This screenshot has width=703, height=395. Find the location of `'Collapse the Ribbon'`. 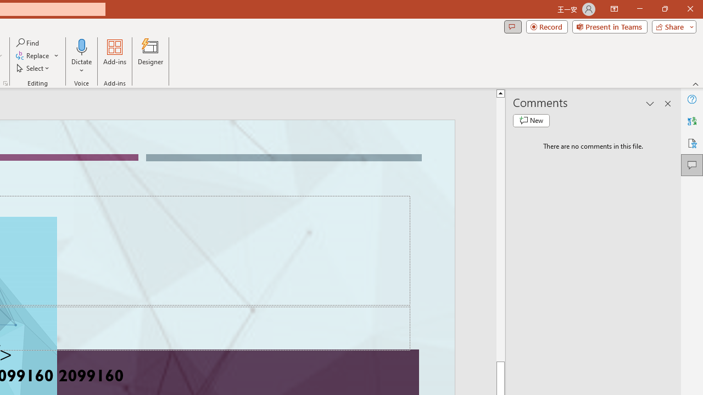

'Collapse the Ribbon' is located at coordinates (695, 83).